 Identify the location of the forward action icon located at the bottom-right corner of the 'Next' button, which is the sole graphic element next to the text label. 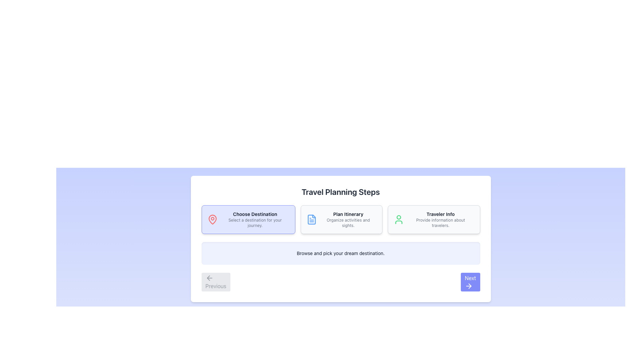
(468, 286).